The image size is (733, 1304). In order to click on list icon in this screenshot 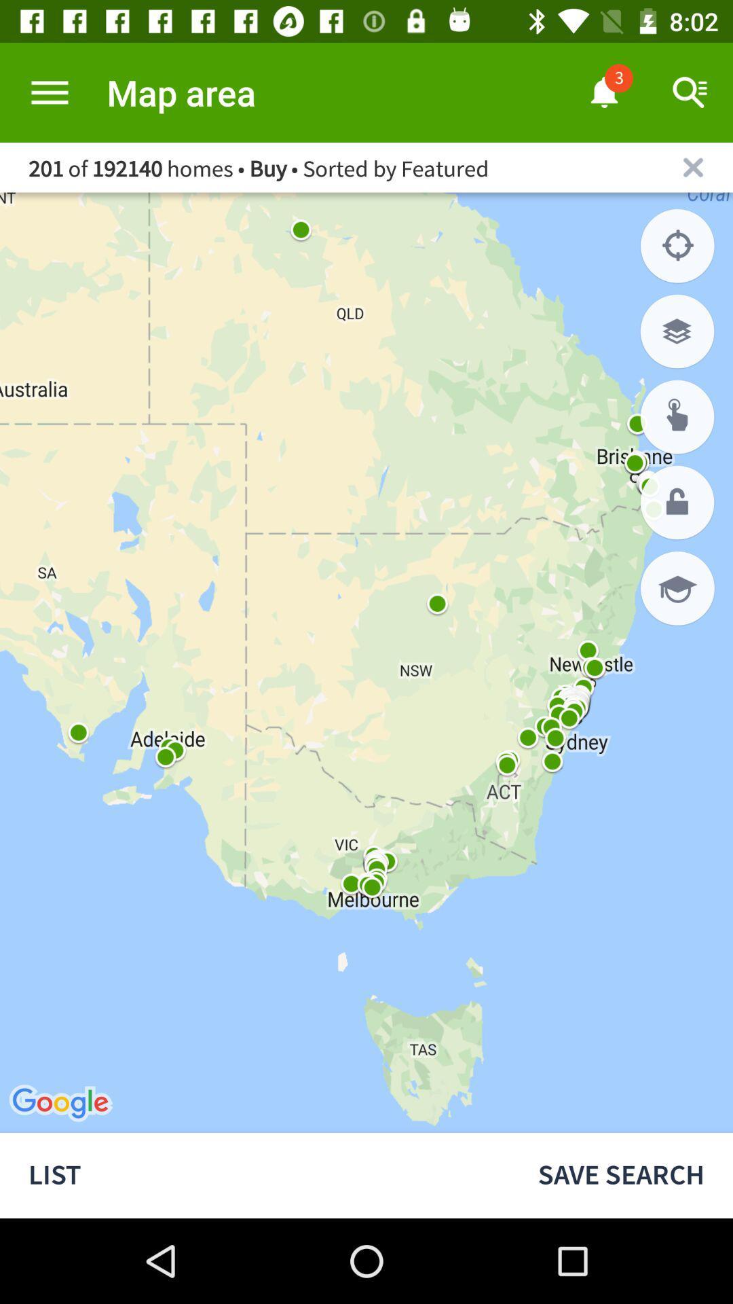, I will do `click(255, 1175)`.